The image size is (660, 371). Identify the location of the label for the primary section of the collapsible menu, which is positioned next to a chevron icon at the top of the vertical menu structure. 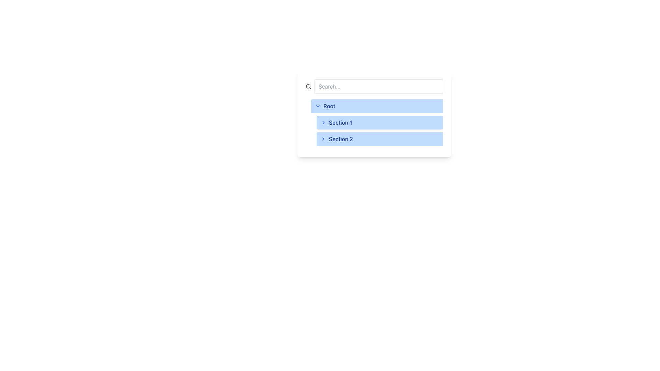
(329, 106).